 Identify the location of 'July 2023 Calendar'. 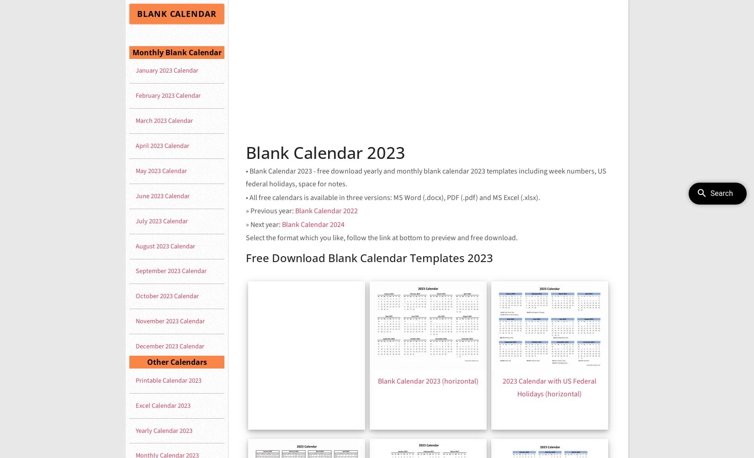
(161, 221).